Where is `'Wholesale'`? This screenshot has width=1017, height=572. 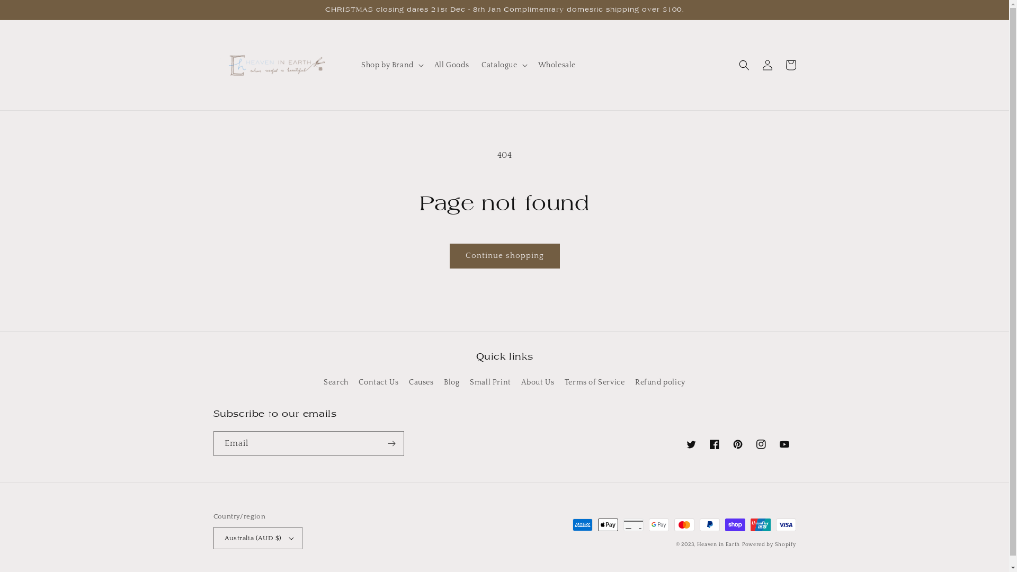
'Wholesale' is located at coordinates (556, 65).